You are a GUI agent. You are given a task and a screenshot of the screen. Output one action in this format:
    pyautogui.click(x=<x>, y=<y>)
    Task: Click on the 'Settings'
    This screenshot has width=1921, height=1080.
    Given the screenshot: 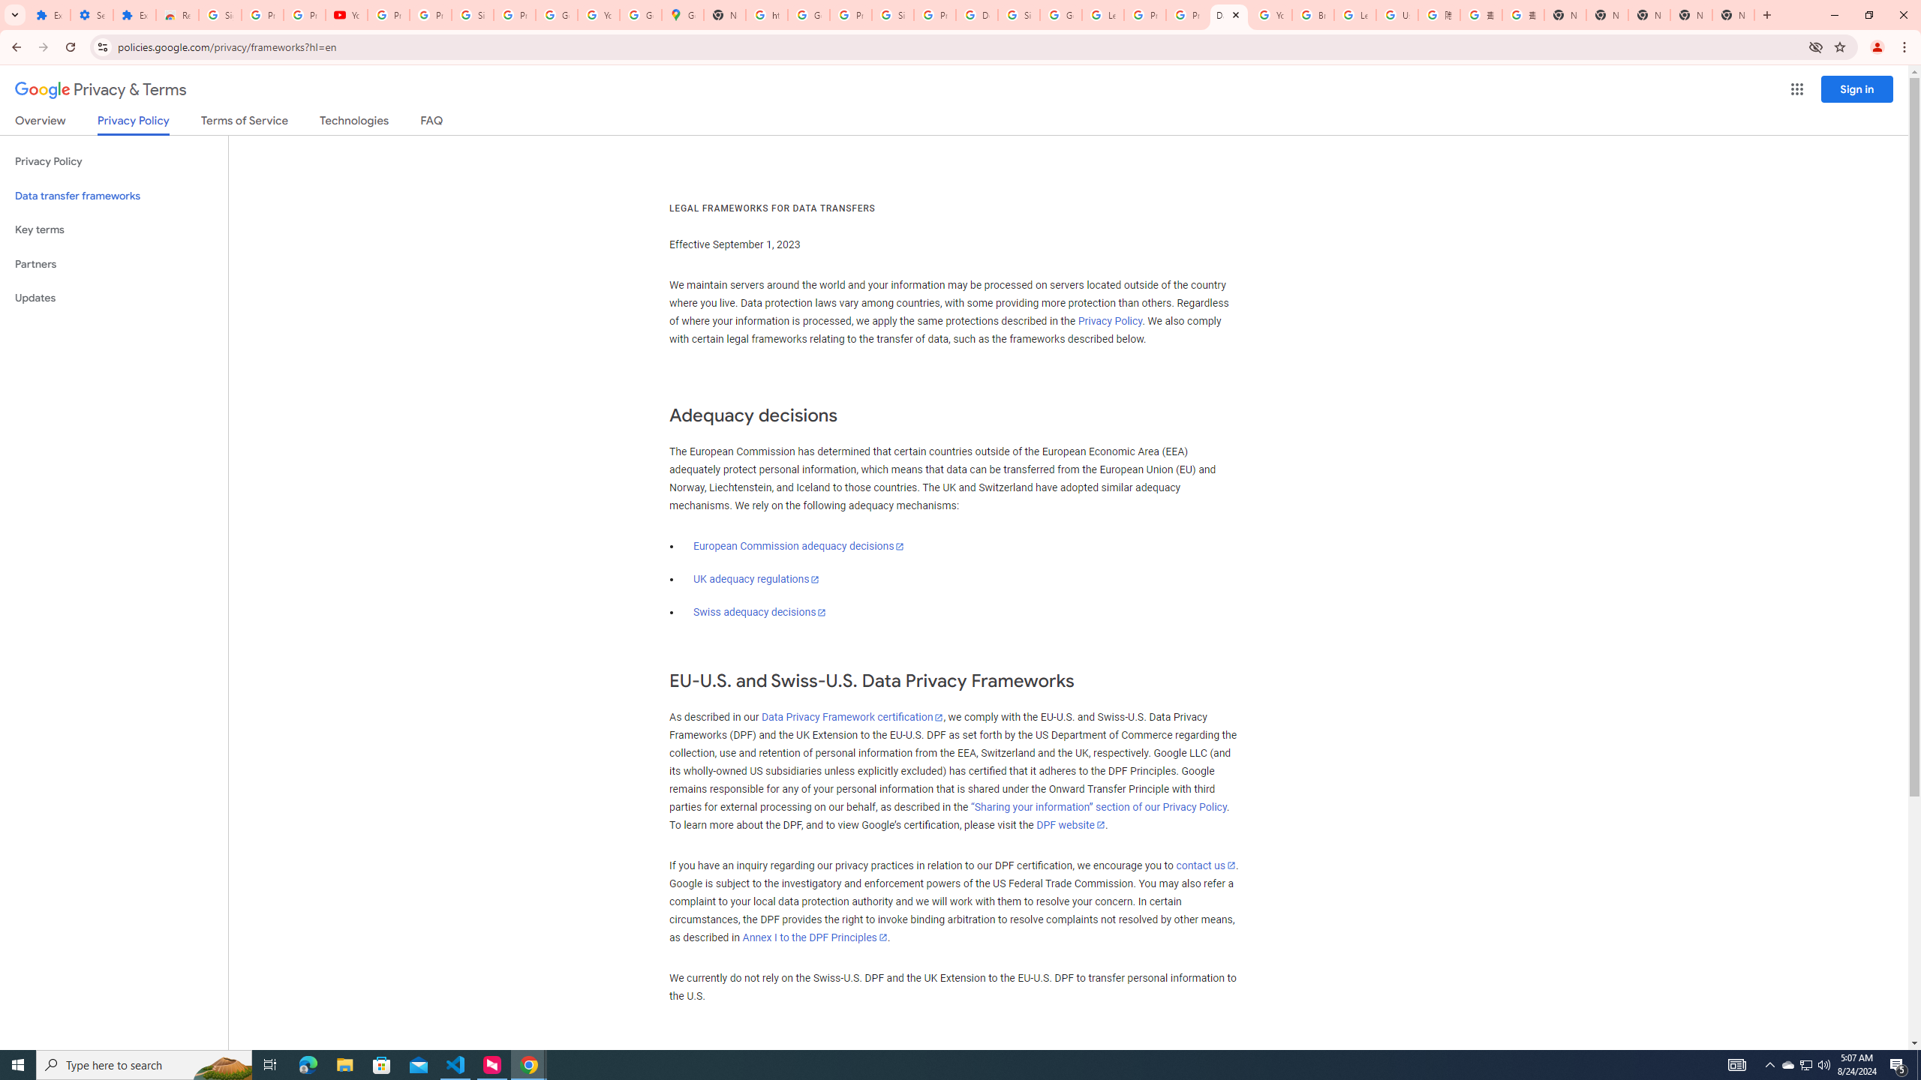 What is the action you would take?
    pyautogui.click(x=91, y=14)
    